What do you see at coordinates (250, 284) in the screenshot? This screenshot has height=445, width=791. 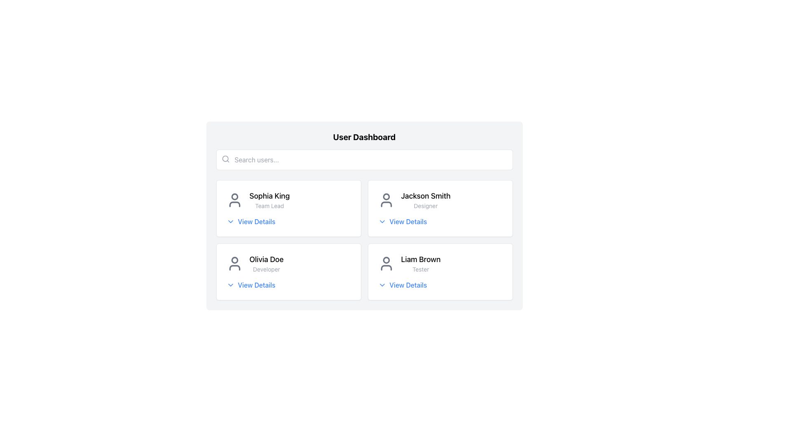 I see `the 'View Details' button, which is a text button with a blue font and a chevron-down icon, located below 'Olivia Doe' in the third user card of the second row` at bounding box center [250, 284].